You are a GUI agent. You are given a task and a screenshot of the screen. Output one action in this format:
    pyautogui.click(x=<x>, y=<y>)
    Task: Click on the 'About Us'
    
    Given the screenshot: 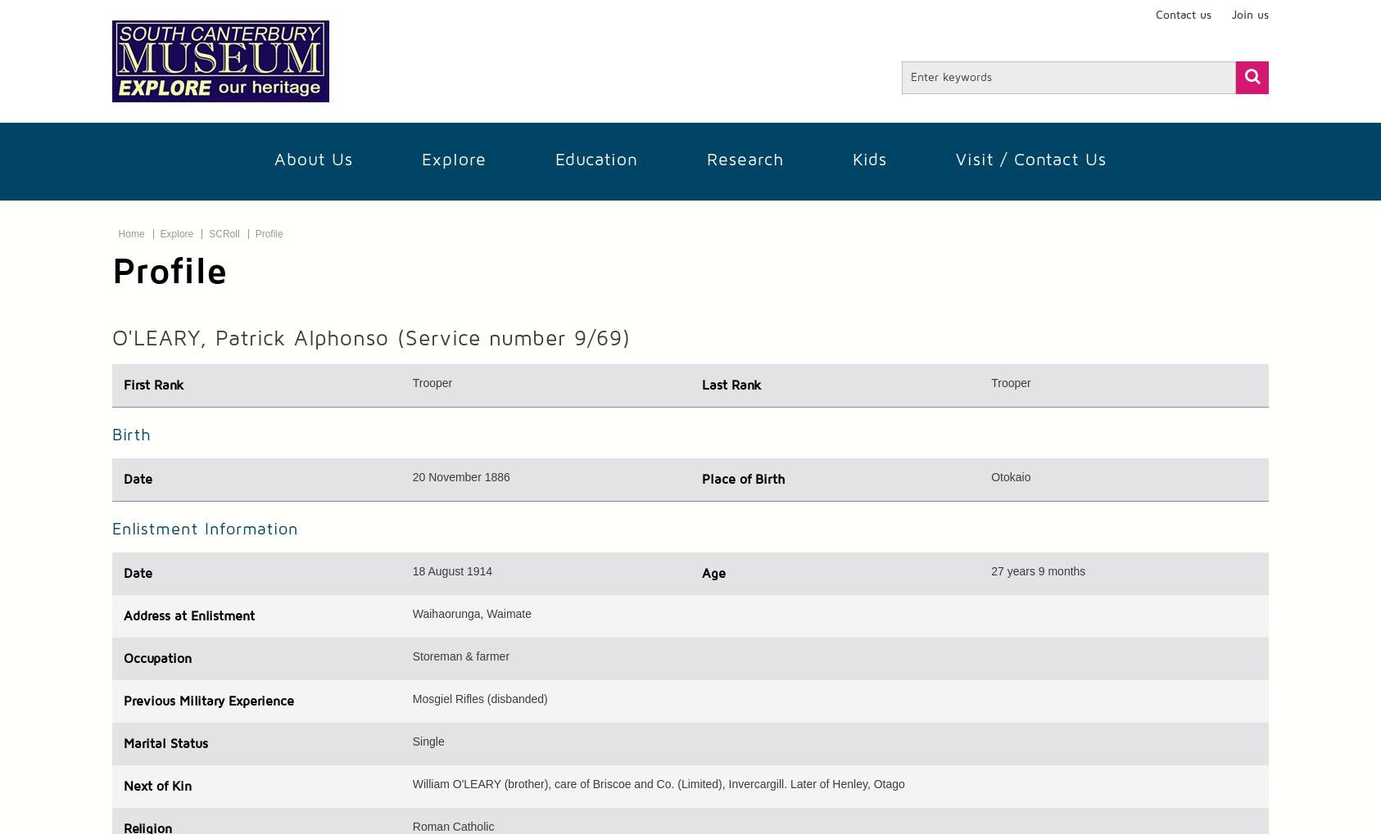 What is the action you would take?
    pyautogui.click(x=313, y=159)
    